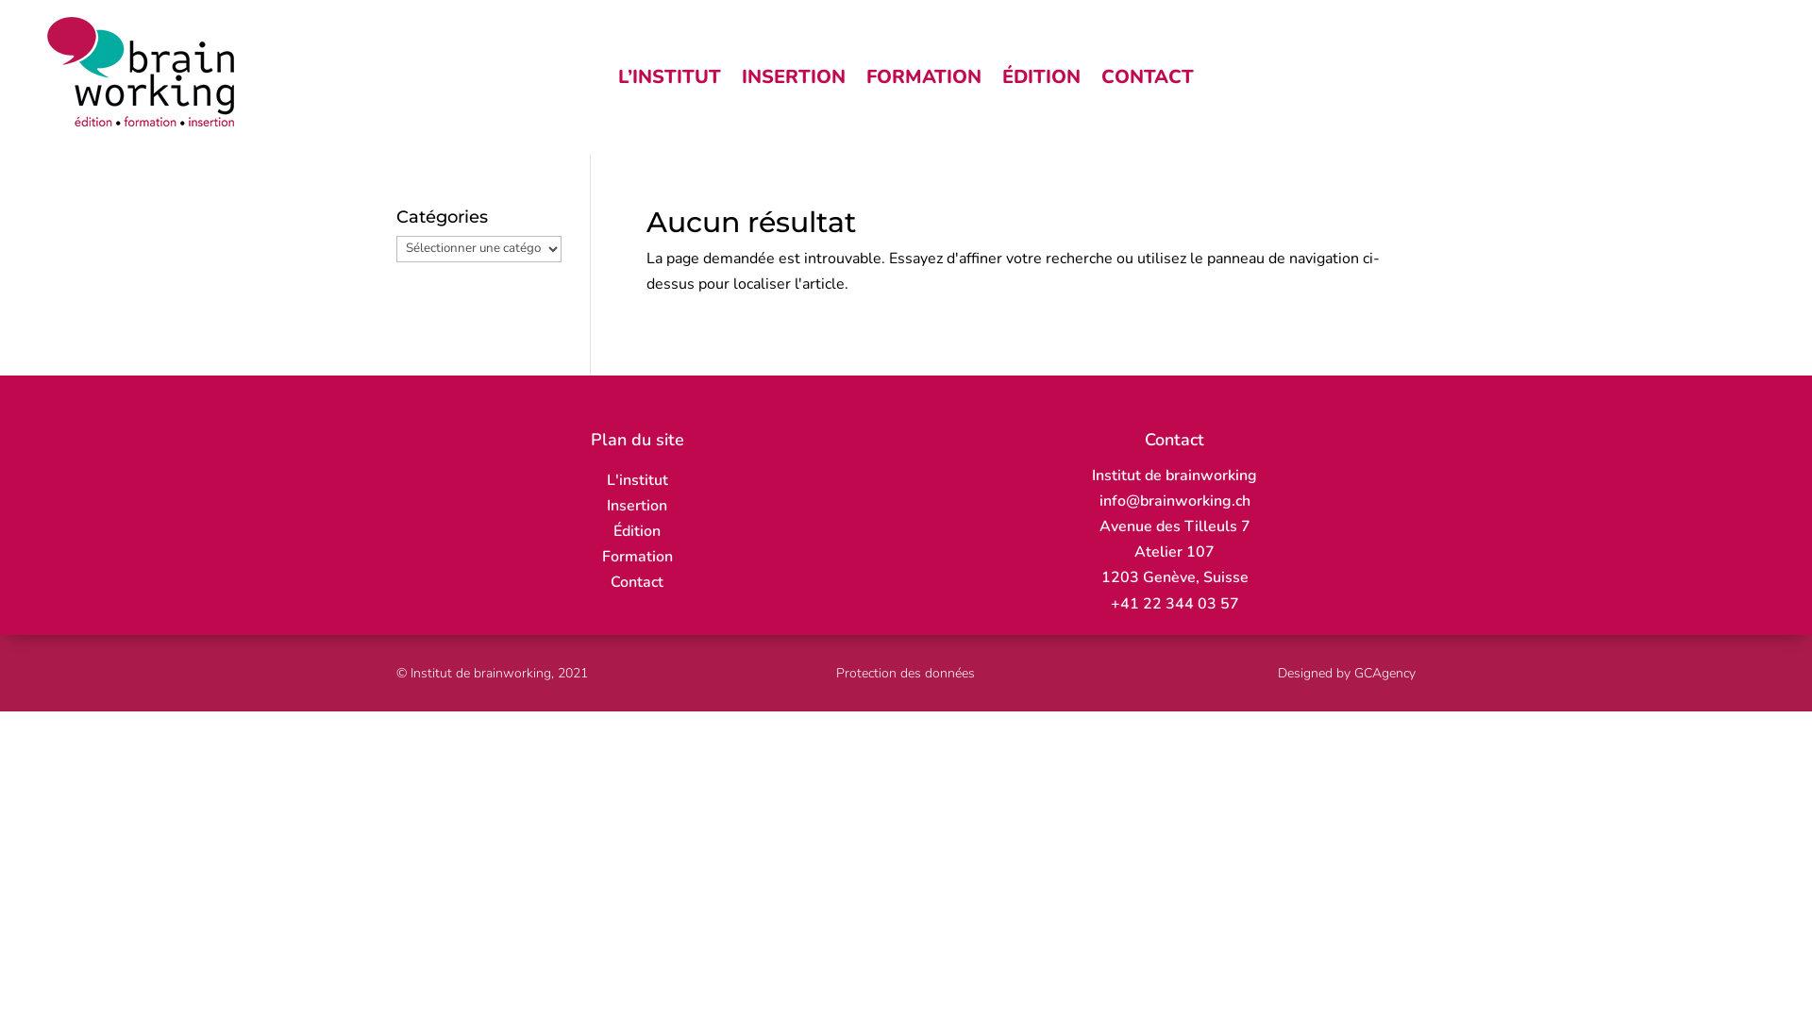 This screenshot has width=1812, height=1019. What do you see at coordinates (637, 581) in the screenshot?
I see `'Contact'` at bounding box center [637, 581].